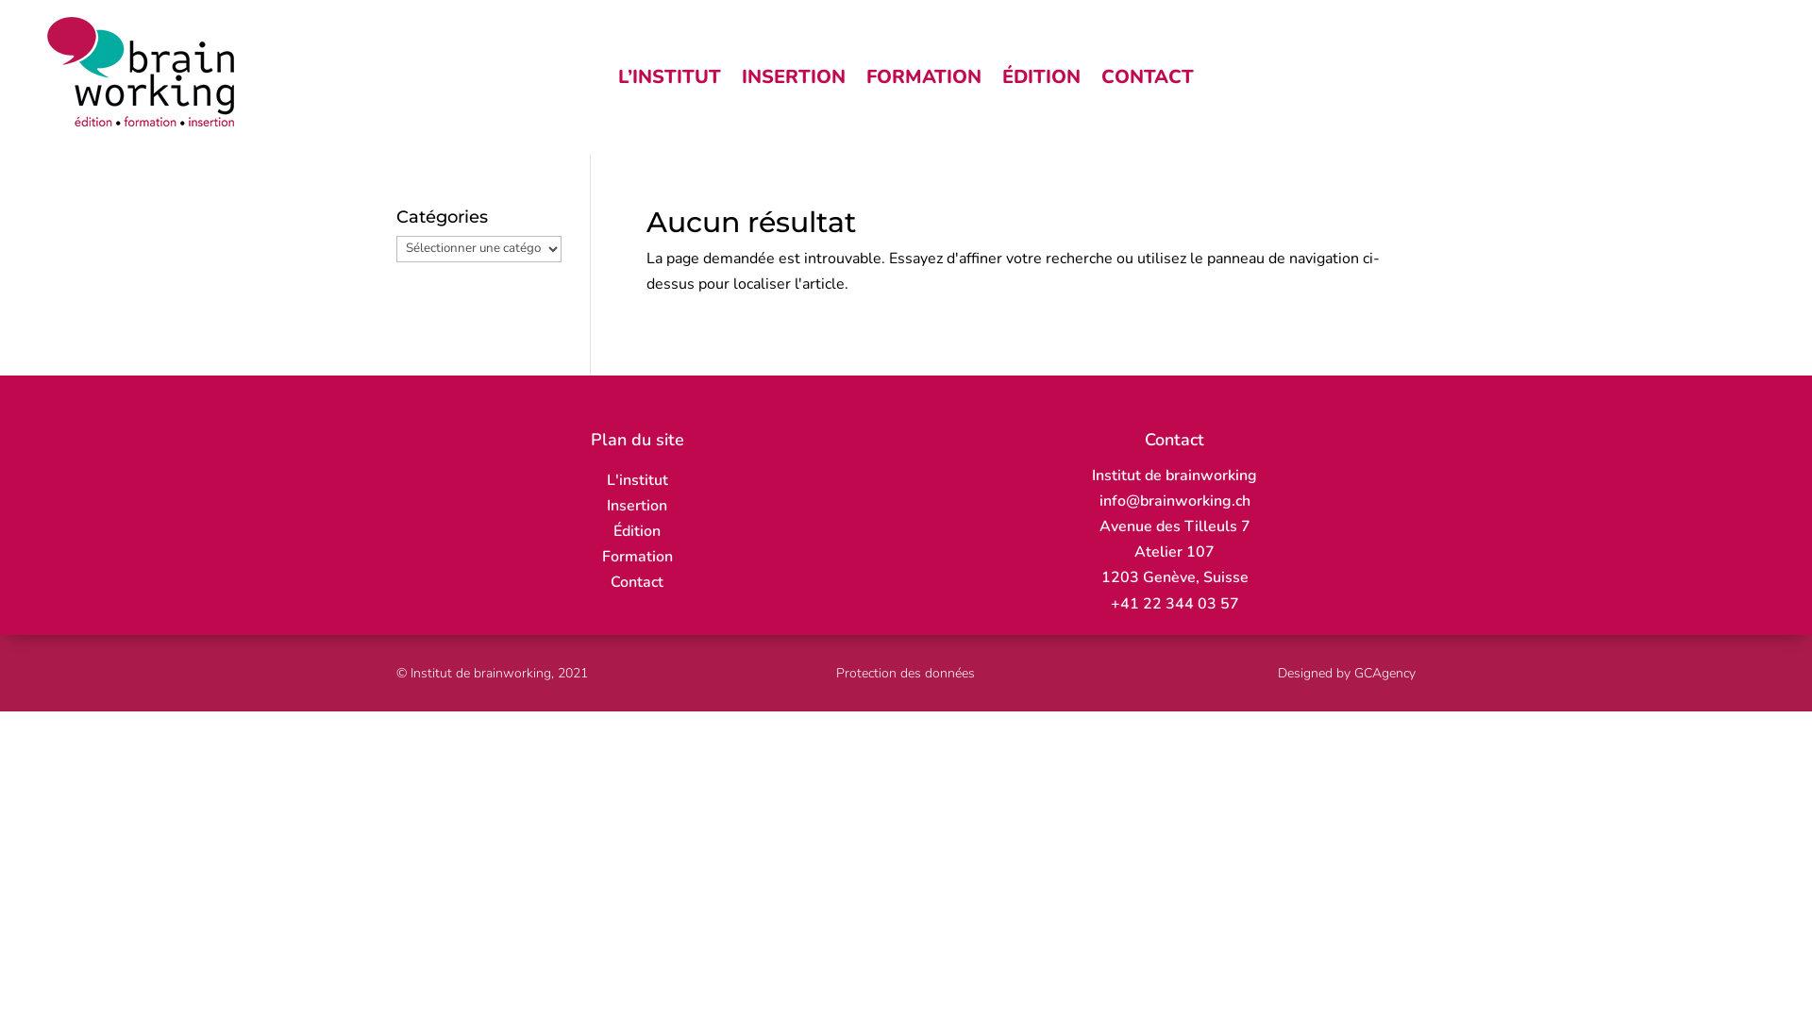 This screenshot has width=1812, height=1019. What do you see at coordinates (637, 581) in the screenshot?
I see `'Contact'` at bounding box center [637, 581].